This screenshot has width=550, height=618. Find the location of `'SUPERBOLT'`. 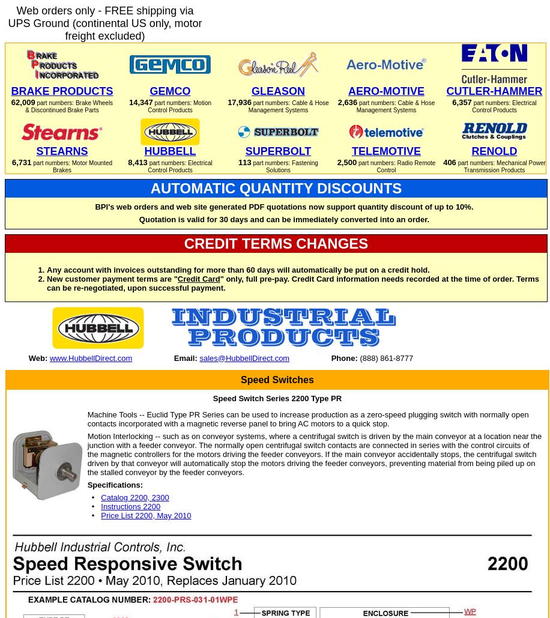

'SUPERBOLT' is located at coordinates (244, 151).